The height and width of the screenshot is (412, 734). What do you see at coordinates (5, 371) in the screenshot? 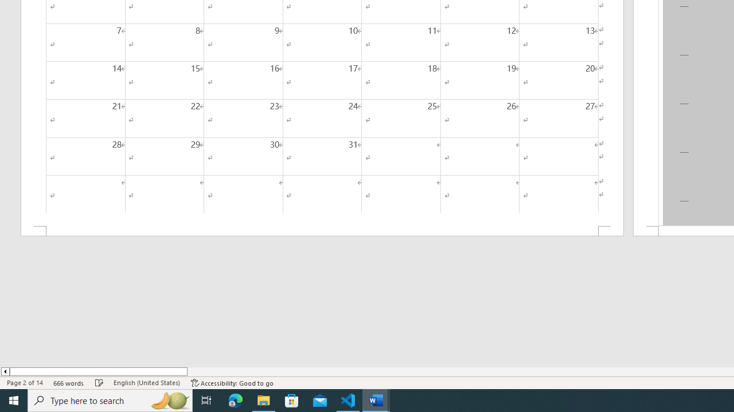
I see `'Column left'` at bounding box center [5, 371].